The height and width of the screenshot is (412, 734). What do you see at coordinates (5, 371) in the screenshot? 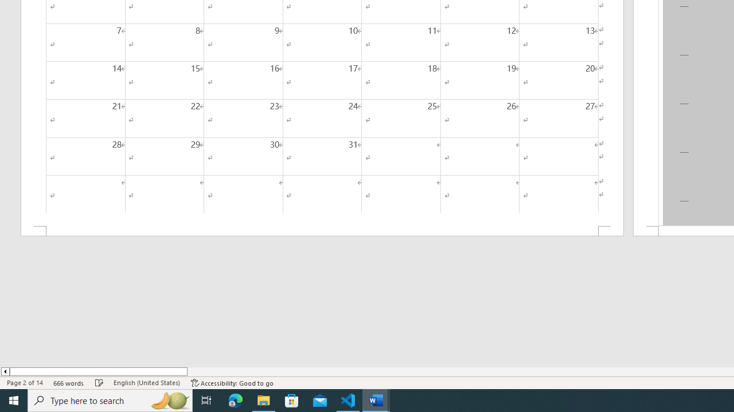
I see `'Column left'` at bounding box center [5, 371].